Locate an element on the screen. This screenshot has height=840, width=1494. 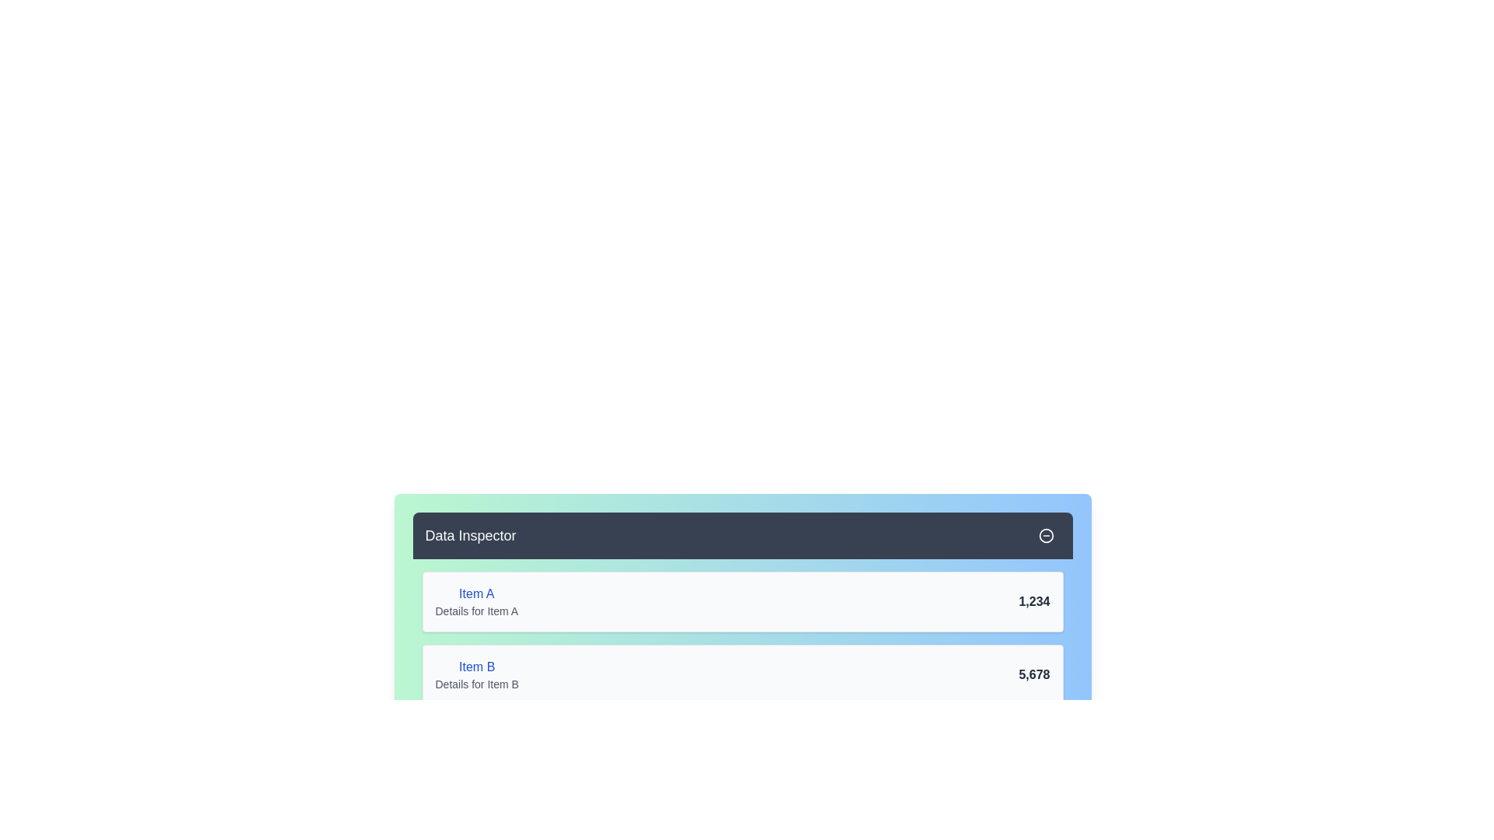
displayed information from the second card in the vertically aligned list of three cards within the 'Data Inspector' section, which showcases details related to 'Item B' is located at coordinates (742, 674).